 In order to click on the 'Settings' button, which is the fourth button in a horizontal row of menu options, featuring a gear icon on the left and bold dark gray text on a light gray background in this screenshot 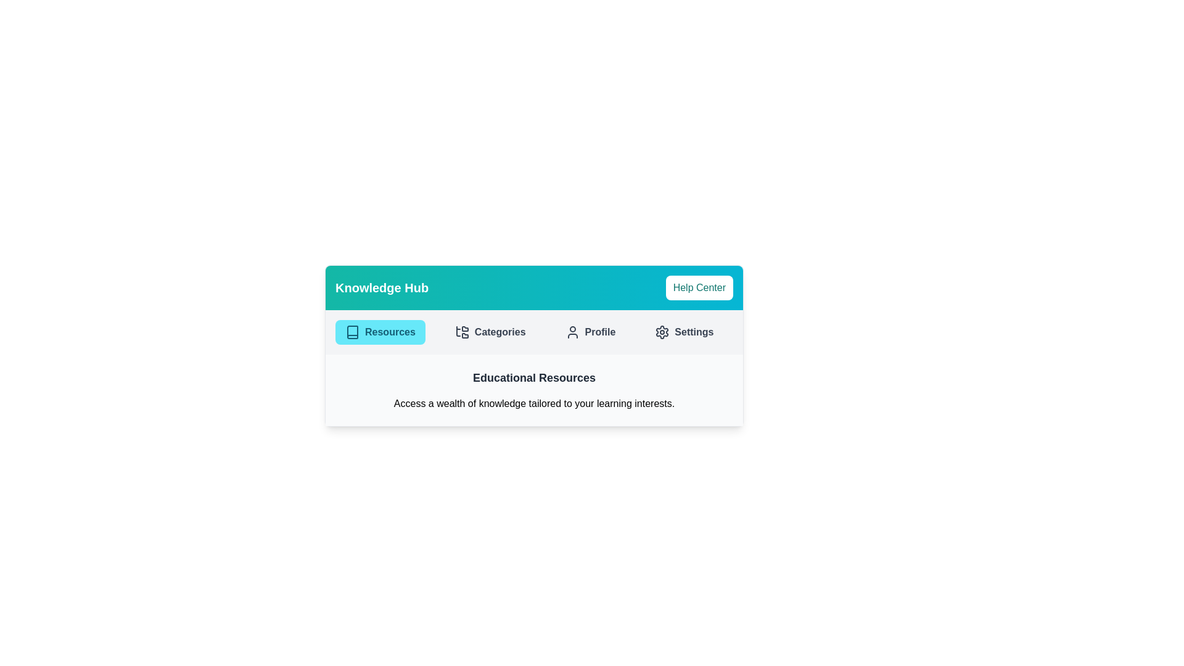, I will do `click(683, 332)`.